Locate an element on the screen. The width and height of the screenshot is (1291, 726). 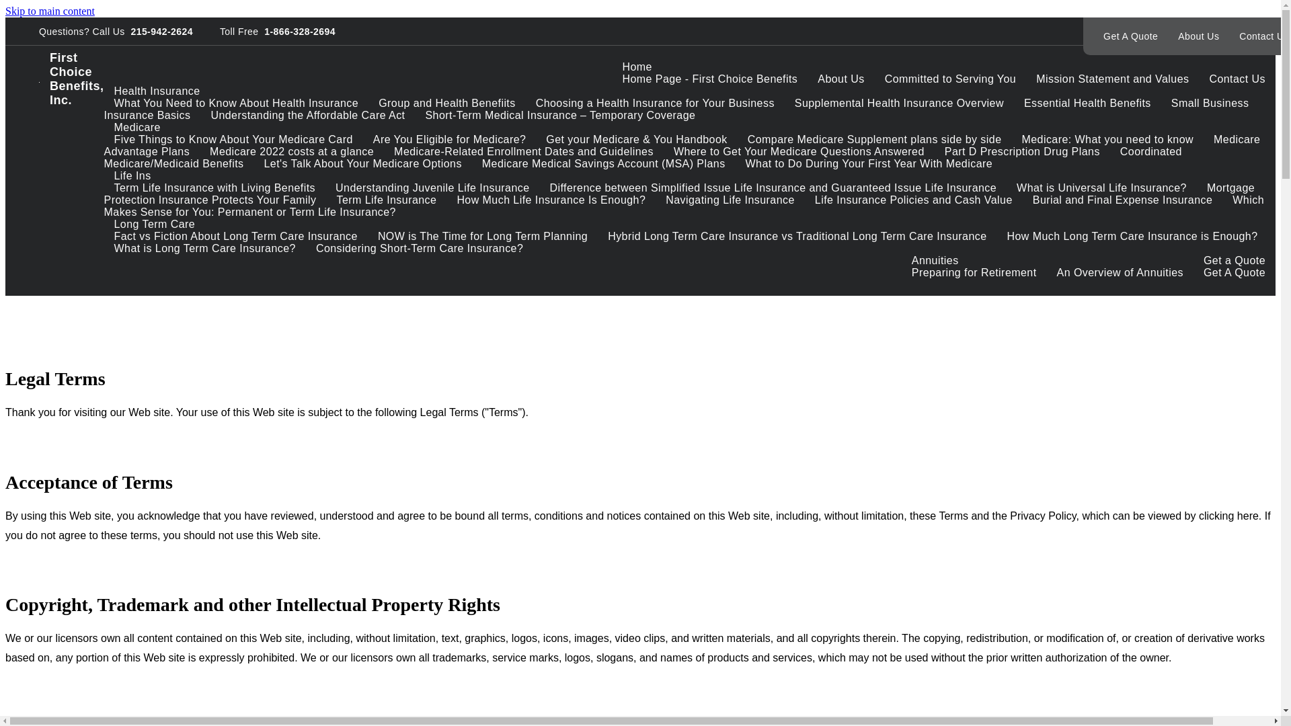
'Essential Health Benefits' is located at coordinates (1087, 102).